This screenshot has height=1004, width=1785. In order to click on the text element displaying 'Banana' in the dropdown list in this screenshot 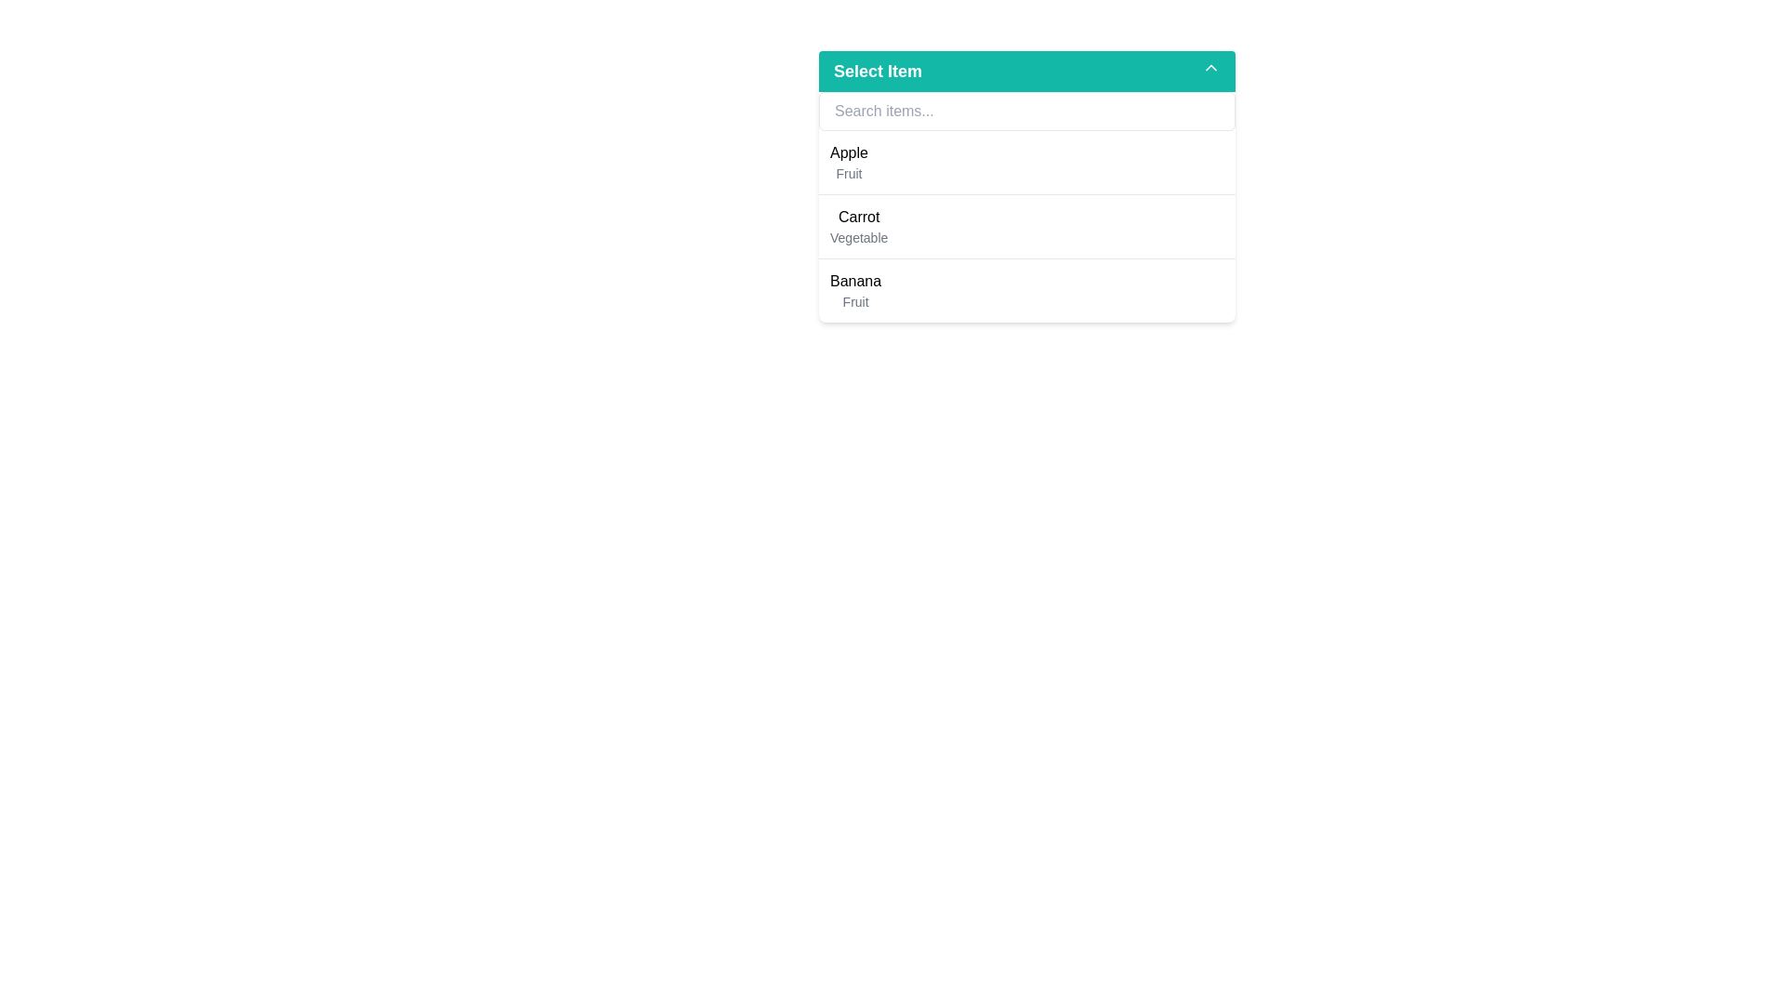, I will do `click(854, 290)`.